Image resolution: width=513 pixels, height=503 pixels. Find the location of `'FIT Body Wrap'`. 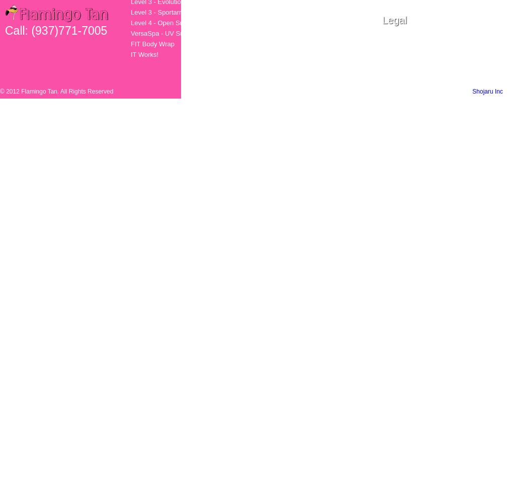

'FIT Body Wrap' is located at coordinates (152, 43).